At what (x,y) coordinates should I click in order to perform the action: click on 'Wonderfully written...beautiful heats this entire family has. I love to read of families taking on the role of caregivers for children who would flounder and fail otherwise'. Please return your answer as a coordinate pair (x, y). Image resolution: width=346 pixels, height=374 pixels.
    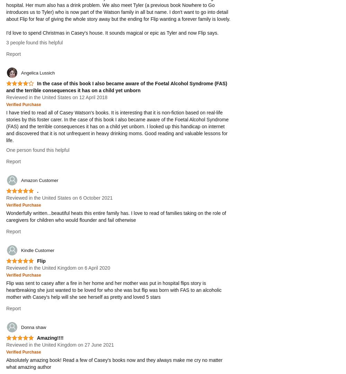
    Looking at the image, I should click on (6, 216).